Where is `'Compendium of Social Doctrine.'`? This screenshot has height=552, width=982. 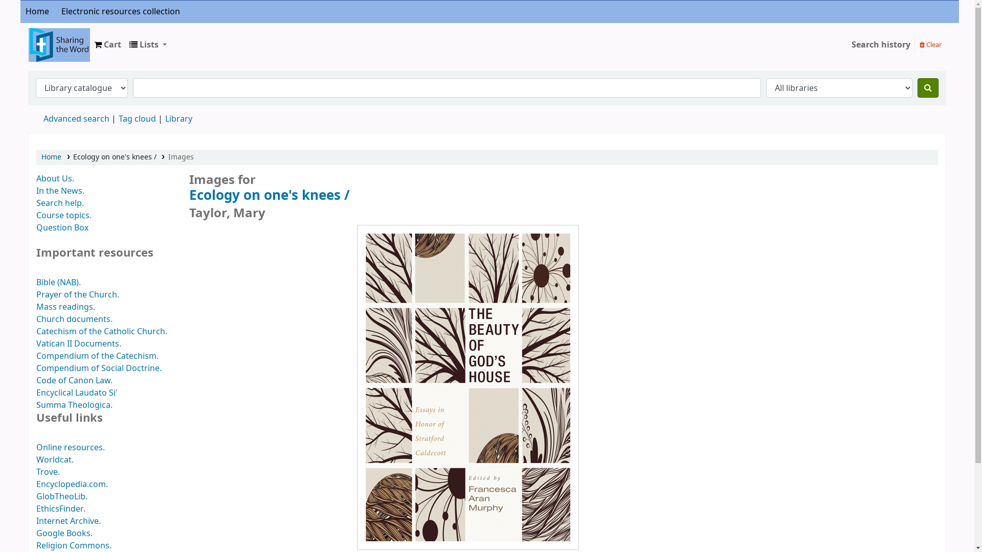 'Compendium of Social Doctrine.' is located at coordinates (99, 369).